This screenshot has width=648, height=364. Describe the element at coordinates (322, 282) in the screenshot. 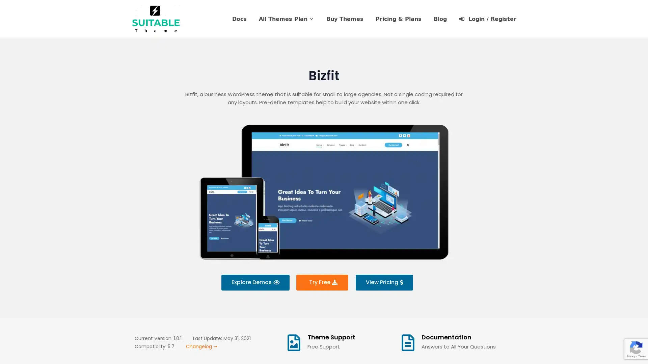

I see `Try Free` at that location.